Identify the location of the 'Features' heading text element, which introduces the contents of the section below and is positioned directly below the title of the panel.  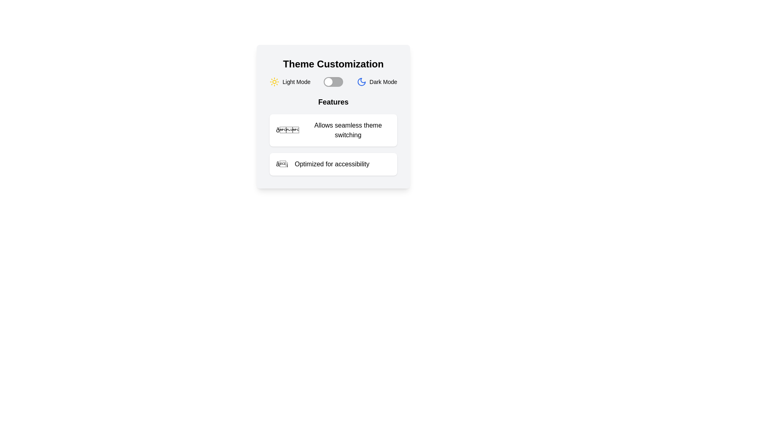
(333, 102).